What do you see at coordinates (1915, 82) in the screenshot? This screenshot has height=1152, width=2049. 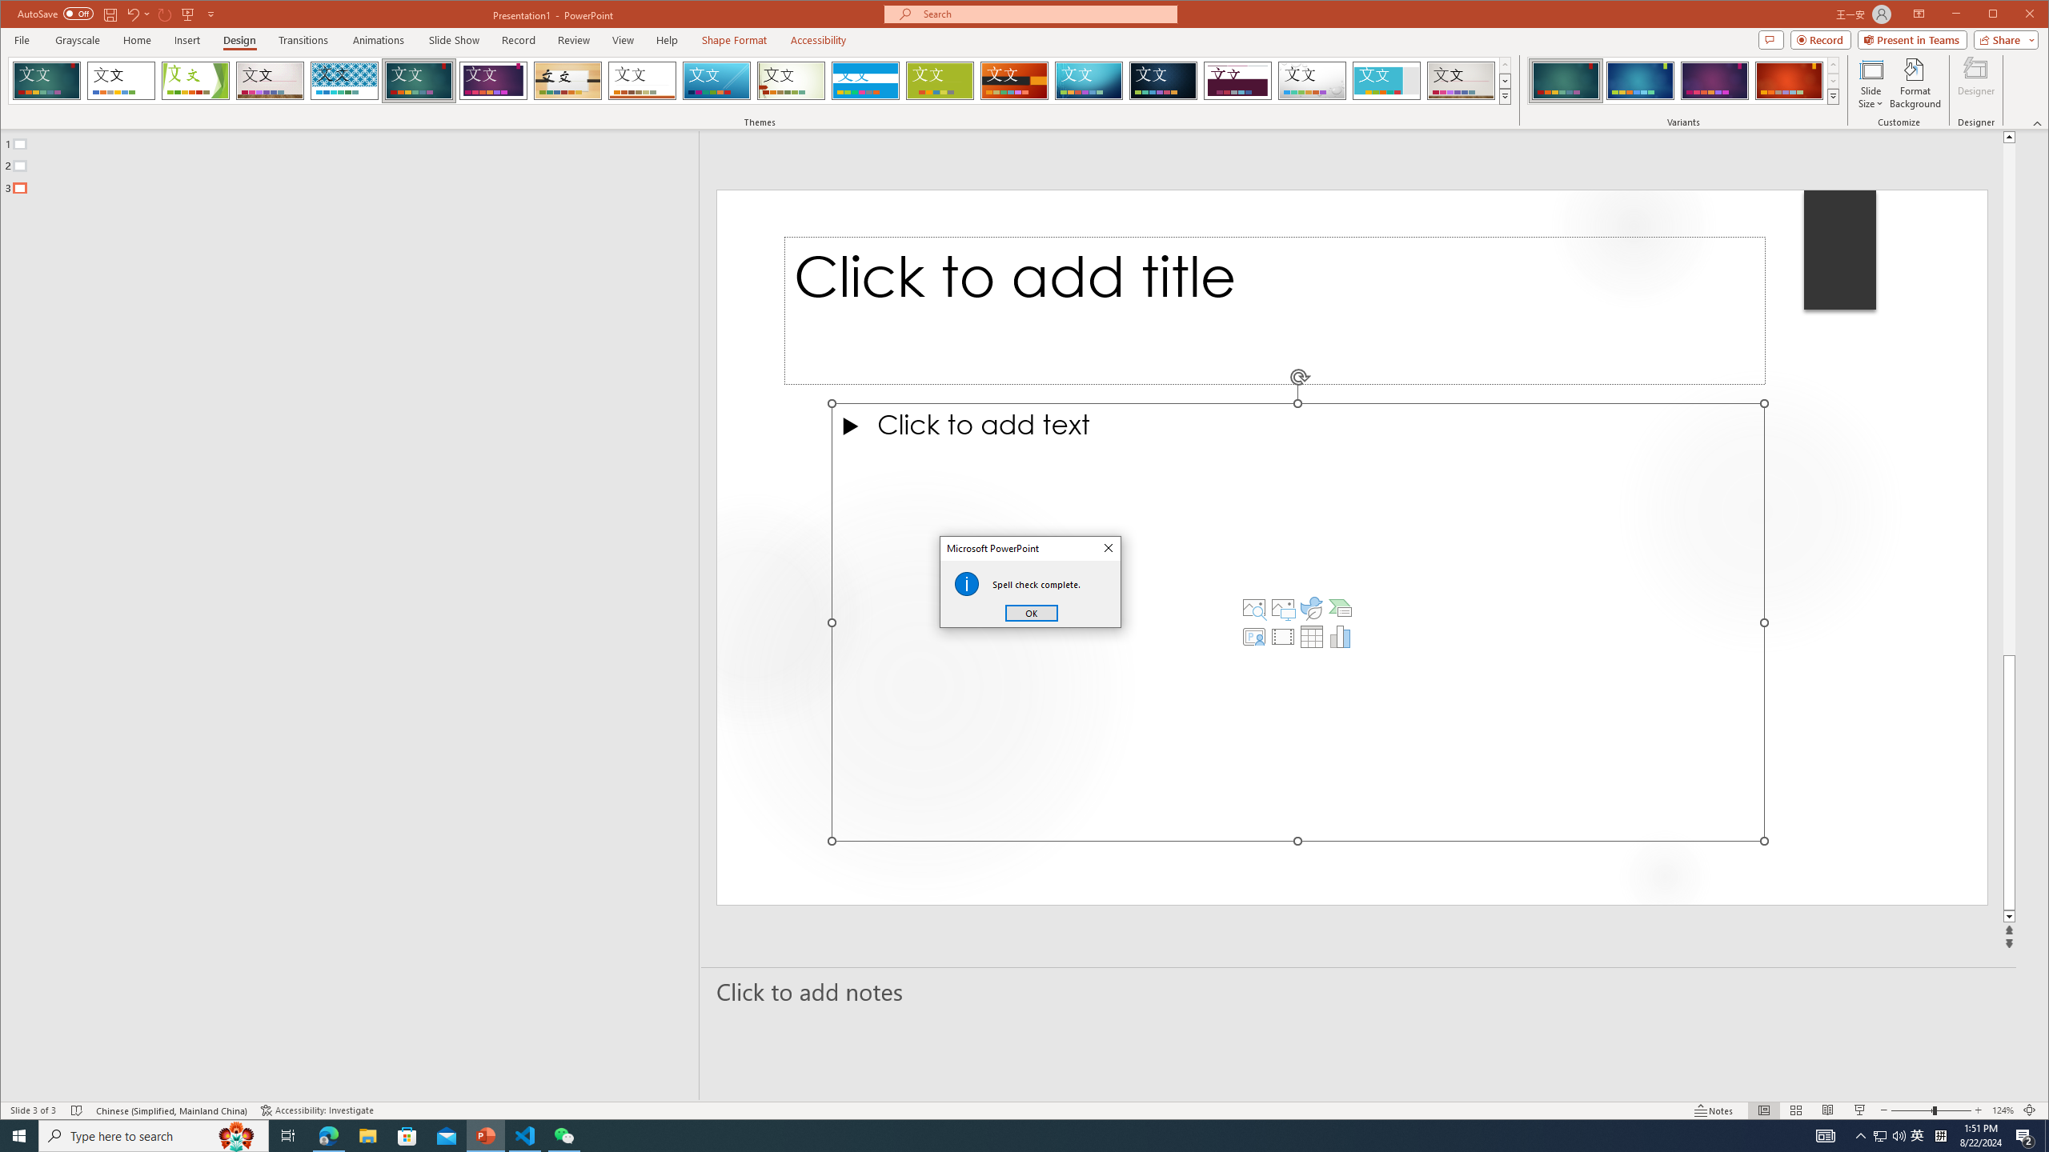 I see `'Format Background'` at bounding box center [1915, 82].